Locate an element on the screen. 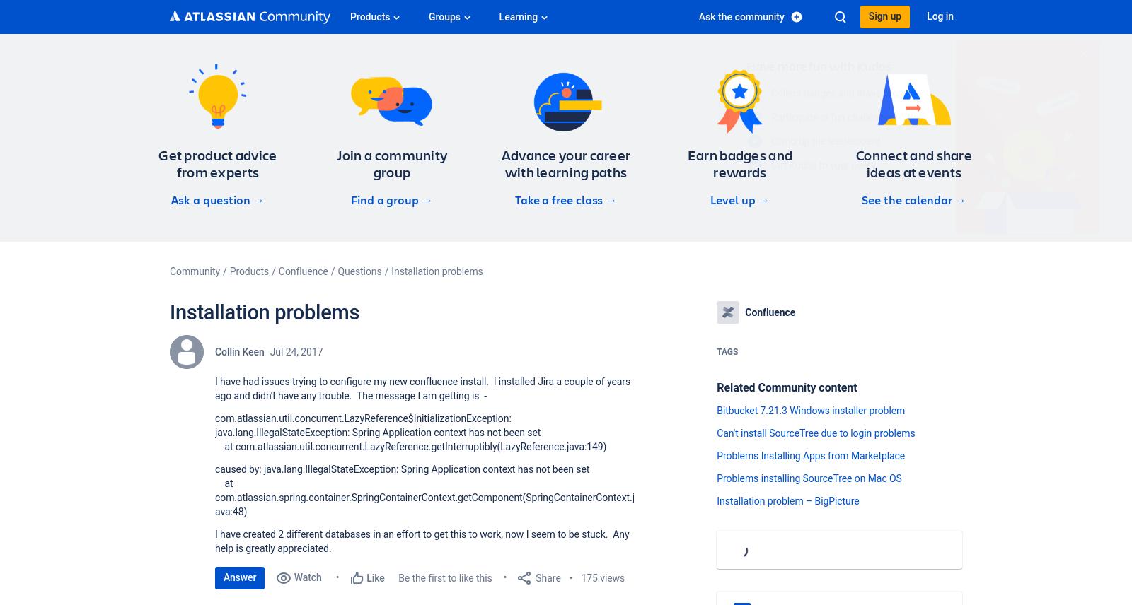 This screenshot has width=1132, height=605. 'Community' is located at coordinates (195, 271).